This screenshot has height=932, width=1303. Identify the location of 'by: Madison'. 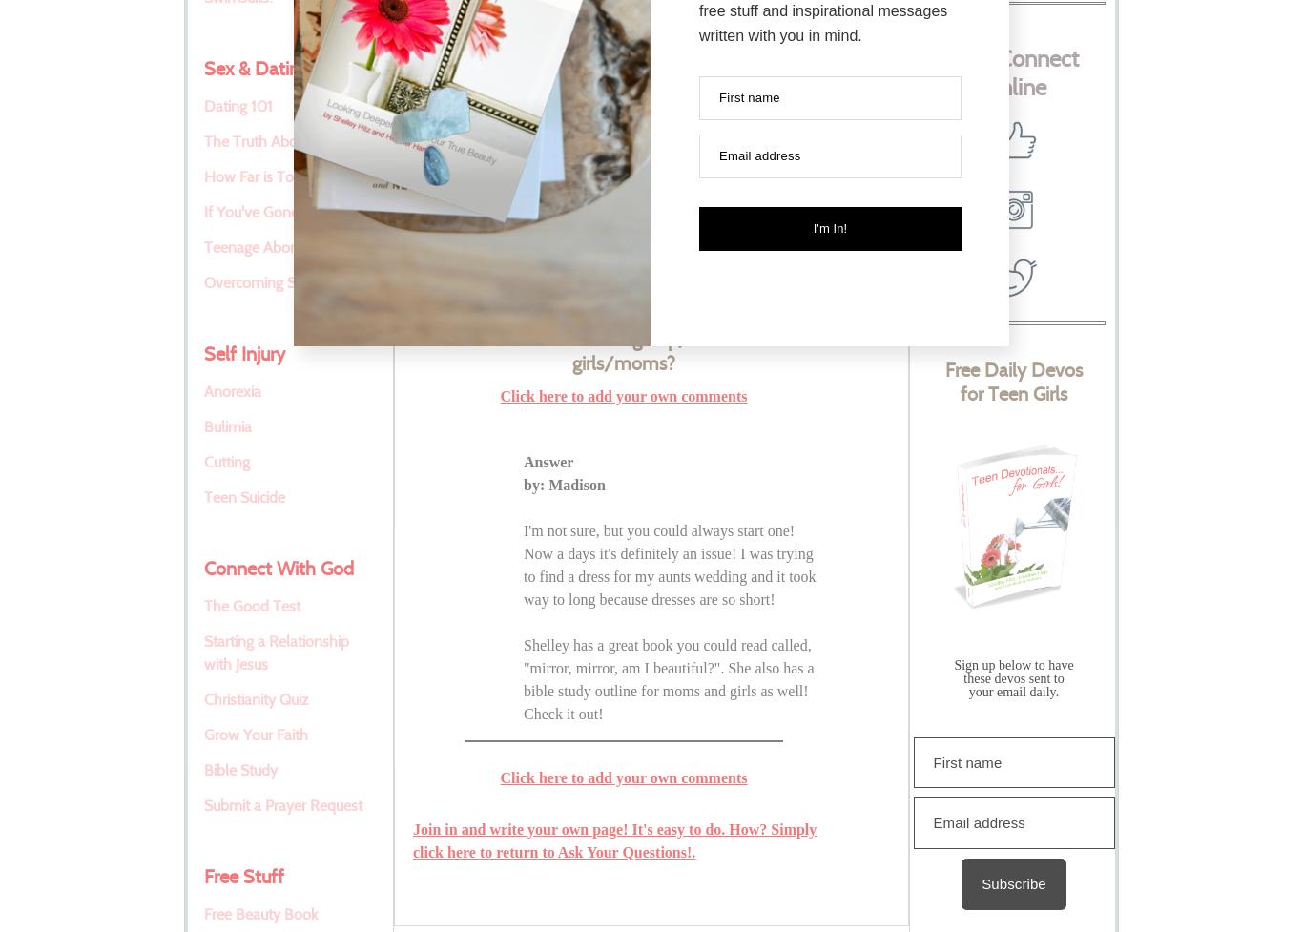
(563, 484).